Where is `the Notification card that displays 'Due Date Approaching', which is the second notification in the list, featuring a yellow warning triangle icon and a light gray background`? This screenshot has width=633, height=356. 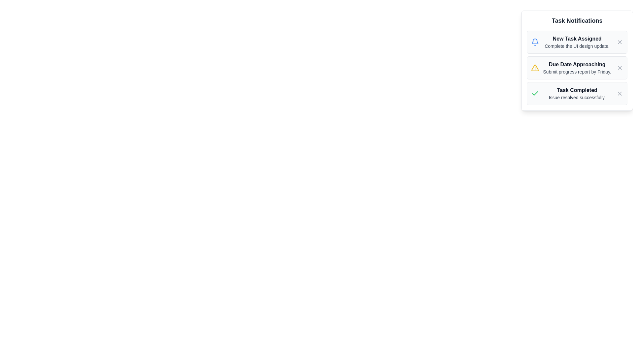
the Notification card that displays 'Due Date Approaching', which is the second notification in the list, featuring a yellow warning triangle icon and a light gray background is located at coordinates (577, 68).